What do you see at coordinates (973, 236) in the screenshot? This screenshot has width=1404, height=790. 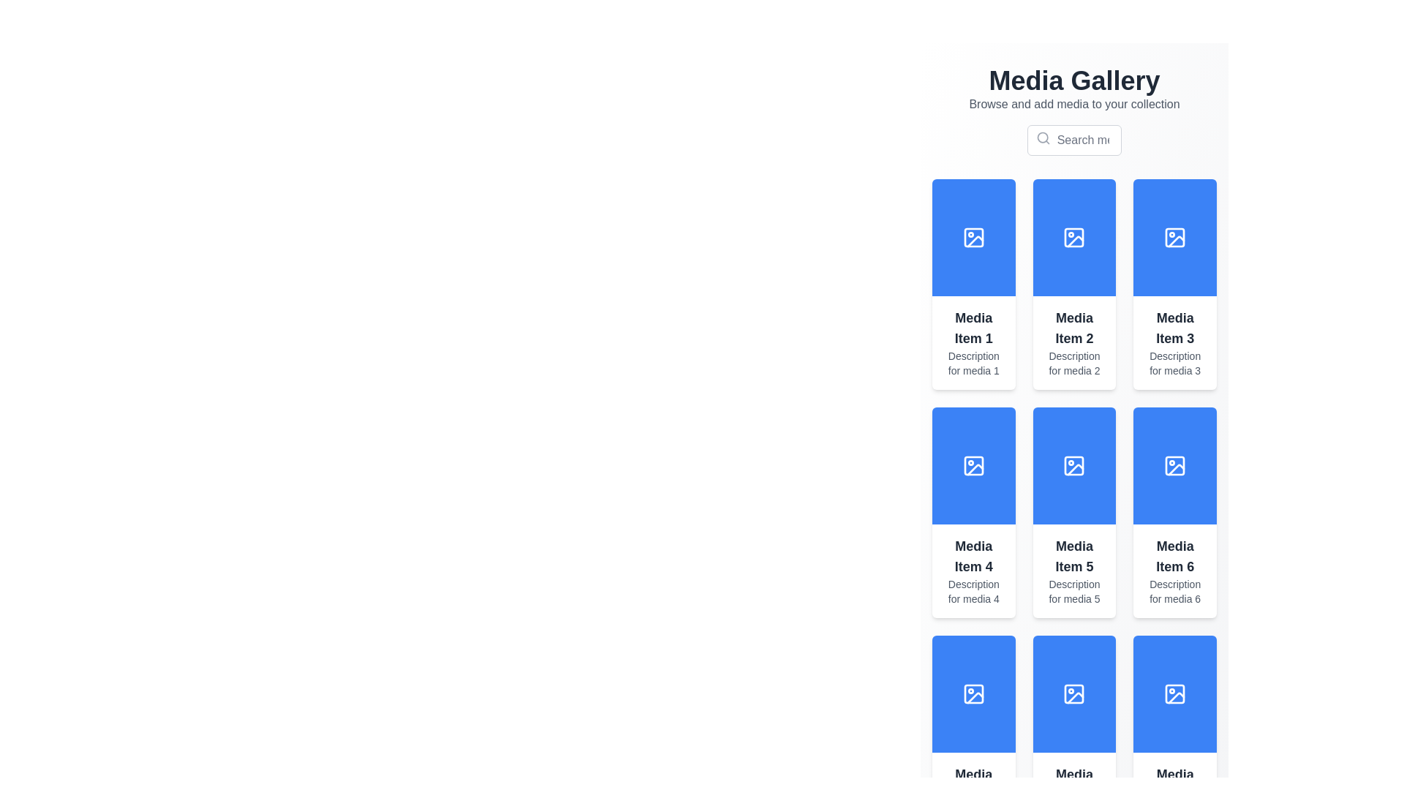 I see `the icon resembling a picture or gallery symbol located at the top-center of the blue card labeled 'Media Item 1' in the media gallery grid` at bounding box center [973, 236].